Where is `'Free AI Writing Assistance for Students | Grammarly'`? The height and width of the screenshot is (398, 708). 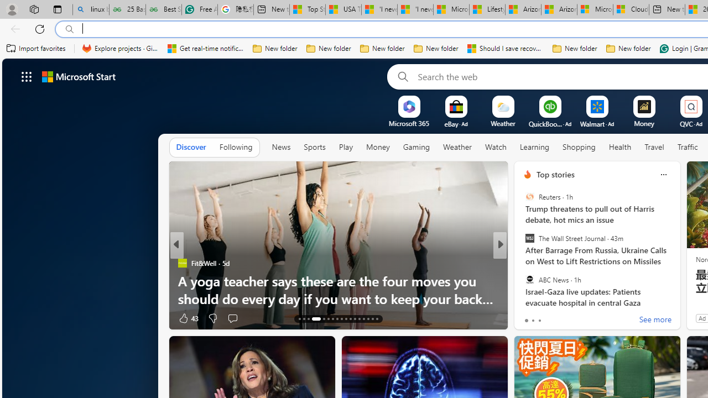 'Free AI Writing Assistance for Students | Grammarly' is located at coordinates (199, 9).